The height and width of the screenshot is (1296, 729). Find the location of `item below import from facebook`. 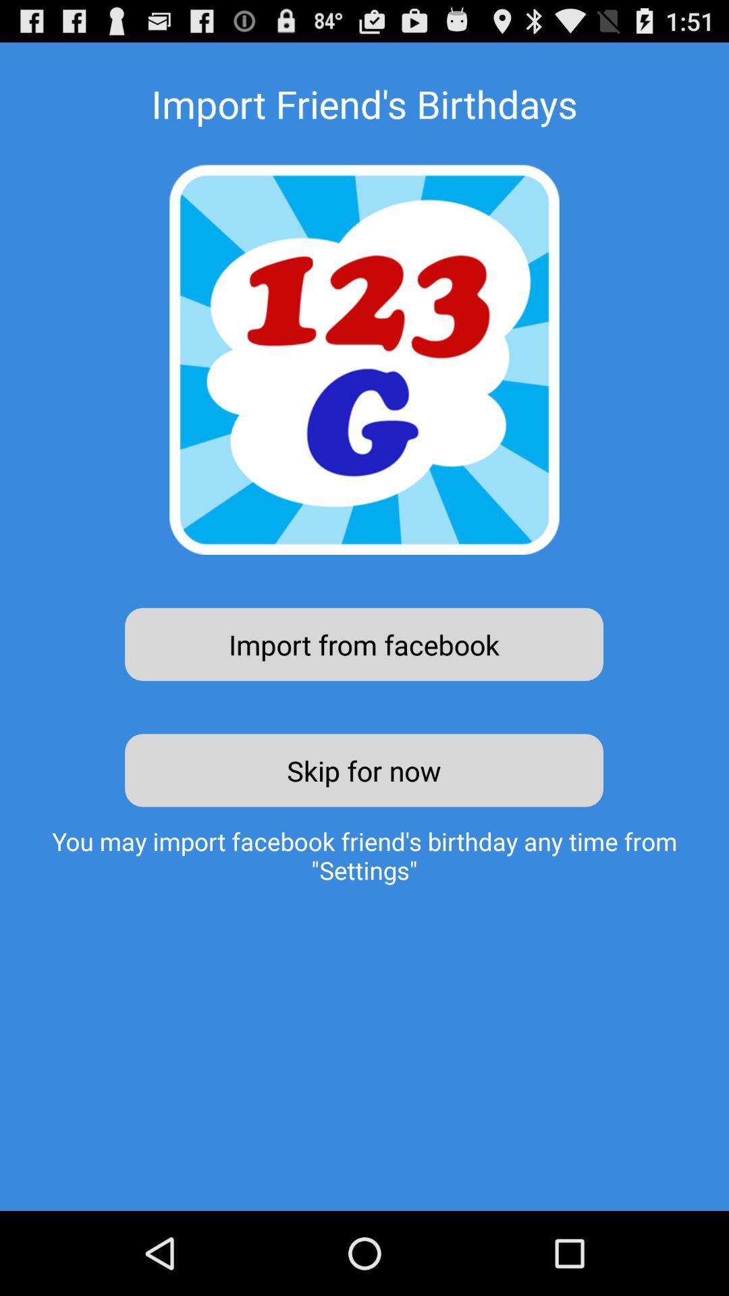

item below import from facebook is located at coordinates (363, 770).